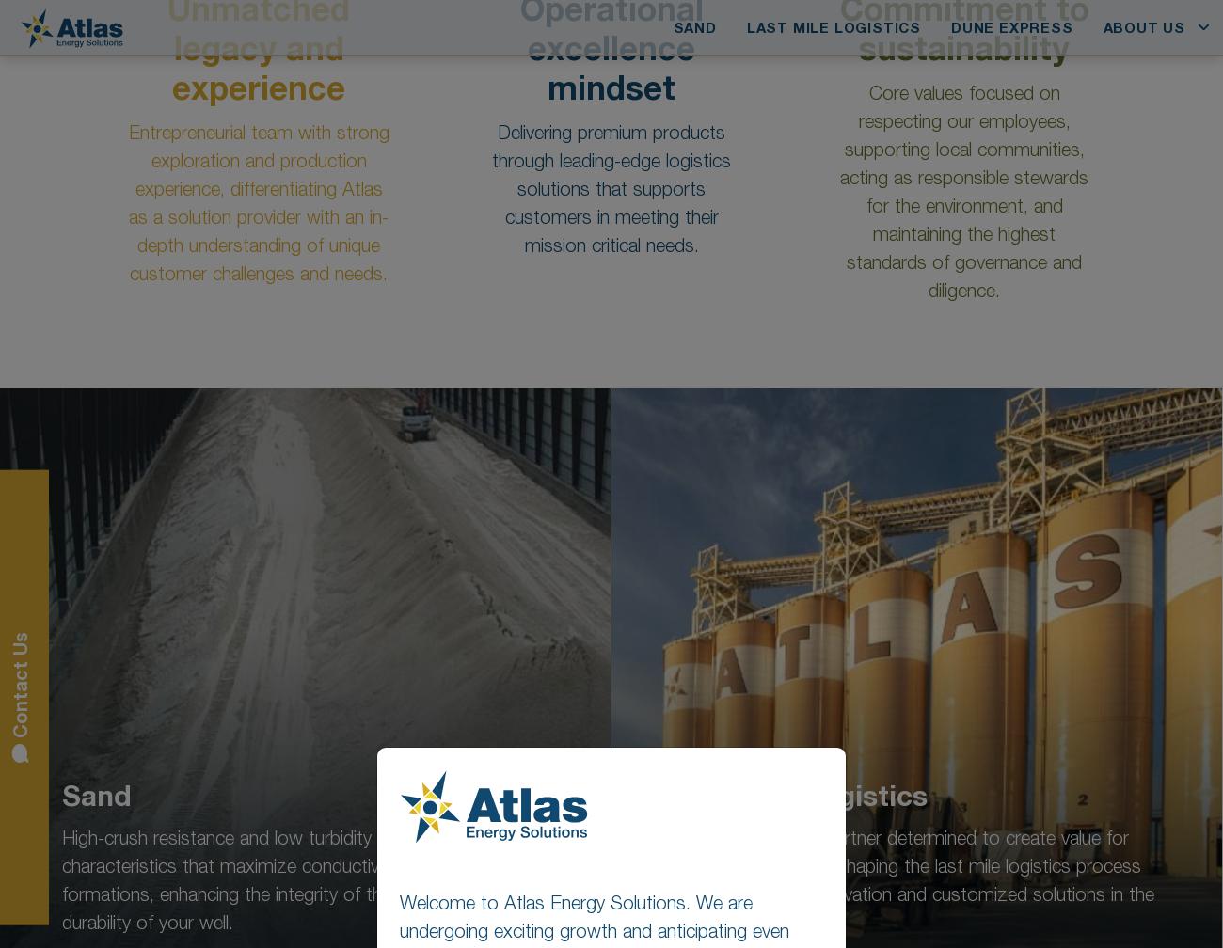  Describe the element at coordinates (270, 900) in the screenshot. I see `'Austin, Texas 78730'` at that location.